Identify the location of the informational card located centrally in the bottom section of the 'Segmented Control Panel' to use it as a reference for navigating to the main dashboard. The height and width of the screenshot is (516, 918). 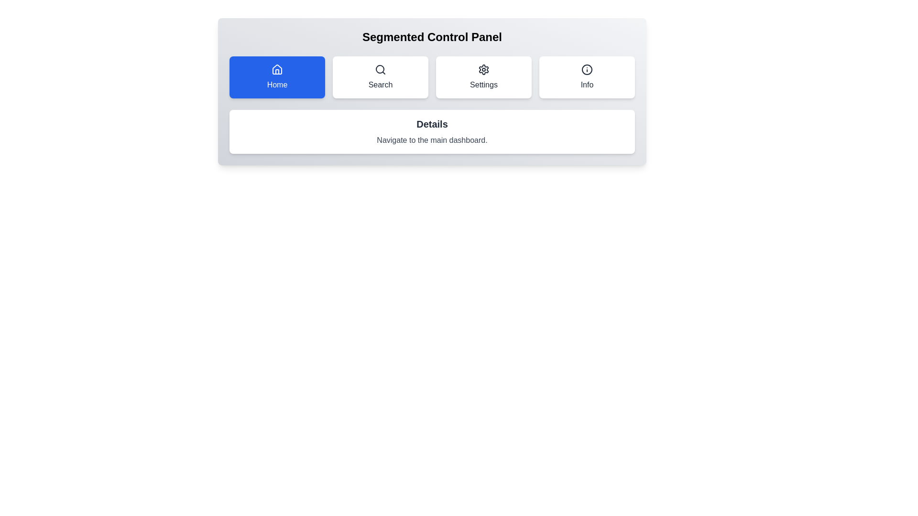
(431, 132).